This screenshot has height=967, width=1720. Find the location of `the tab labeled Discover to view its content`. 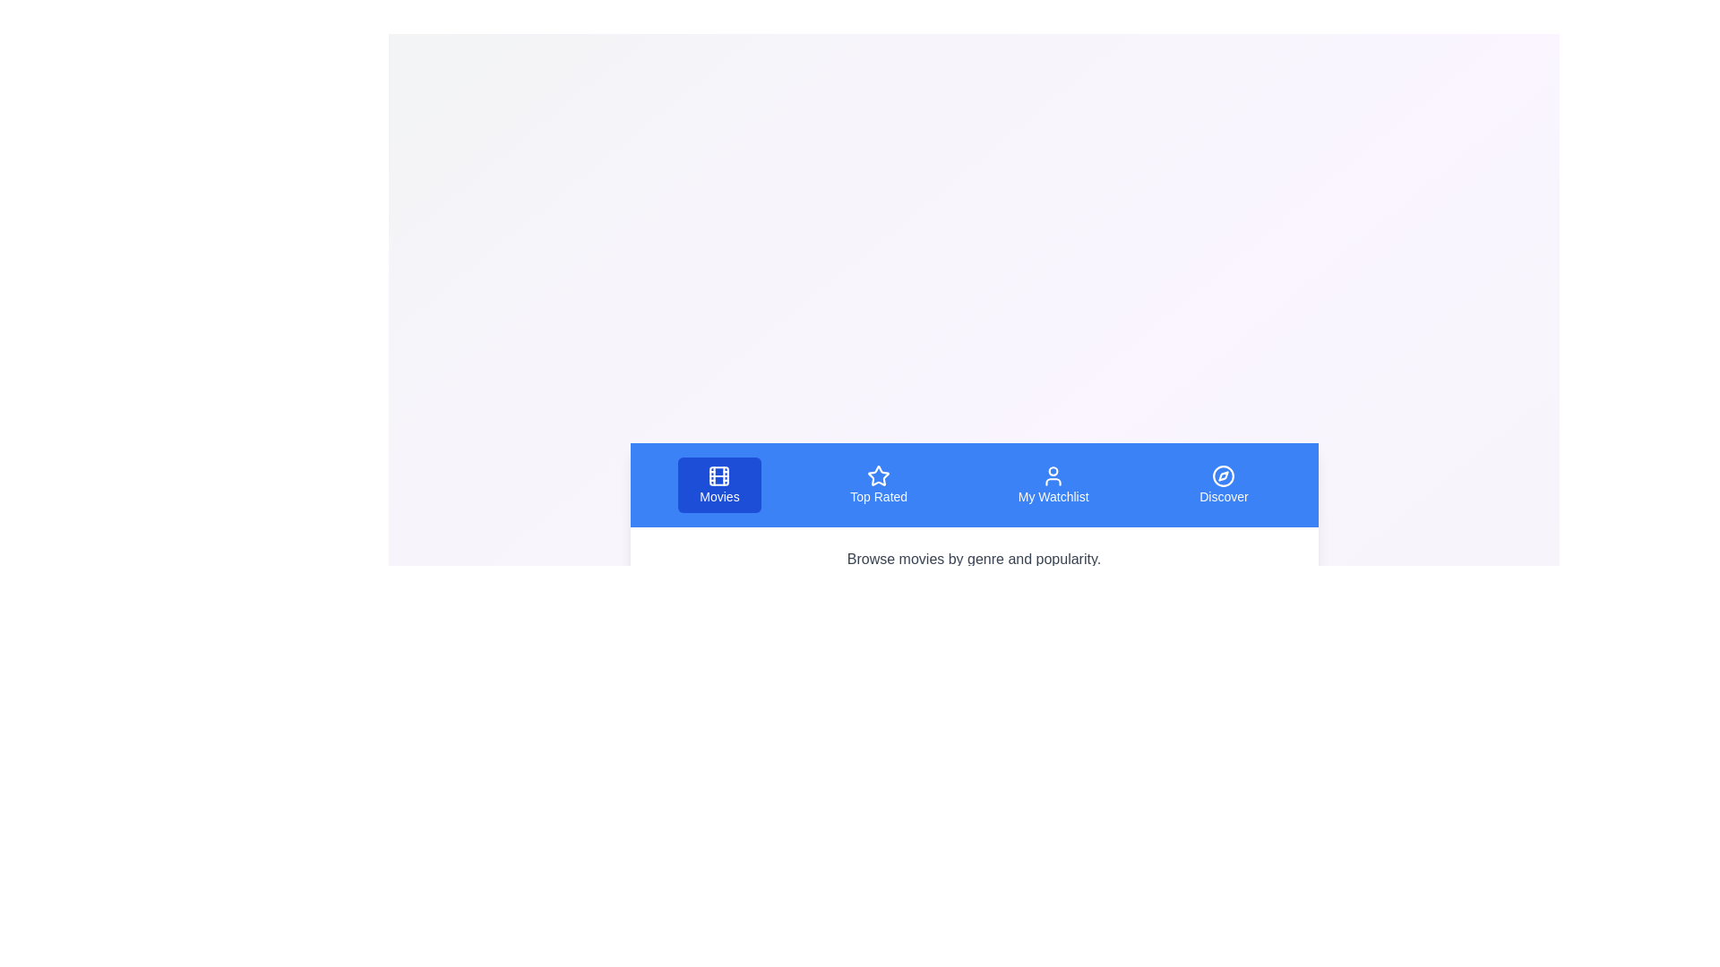

the tab labeled Discover to view its content is located at coordinates (1223, 485).